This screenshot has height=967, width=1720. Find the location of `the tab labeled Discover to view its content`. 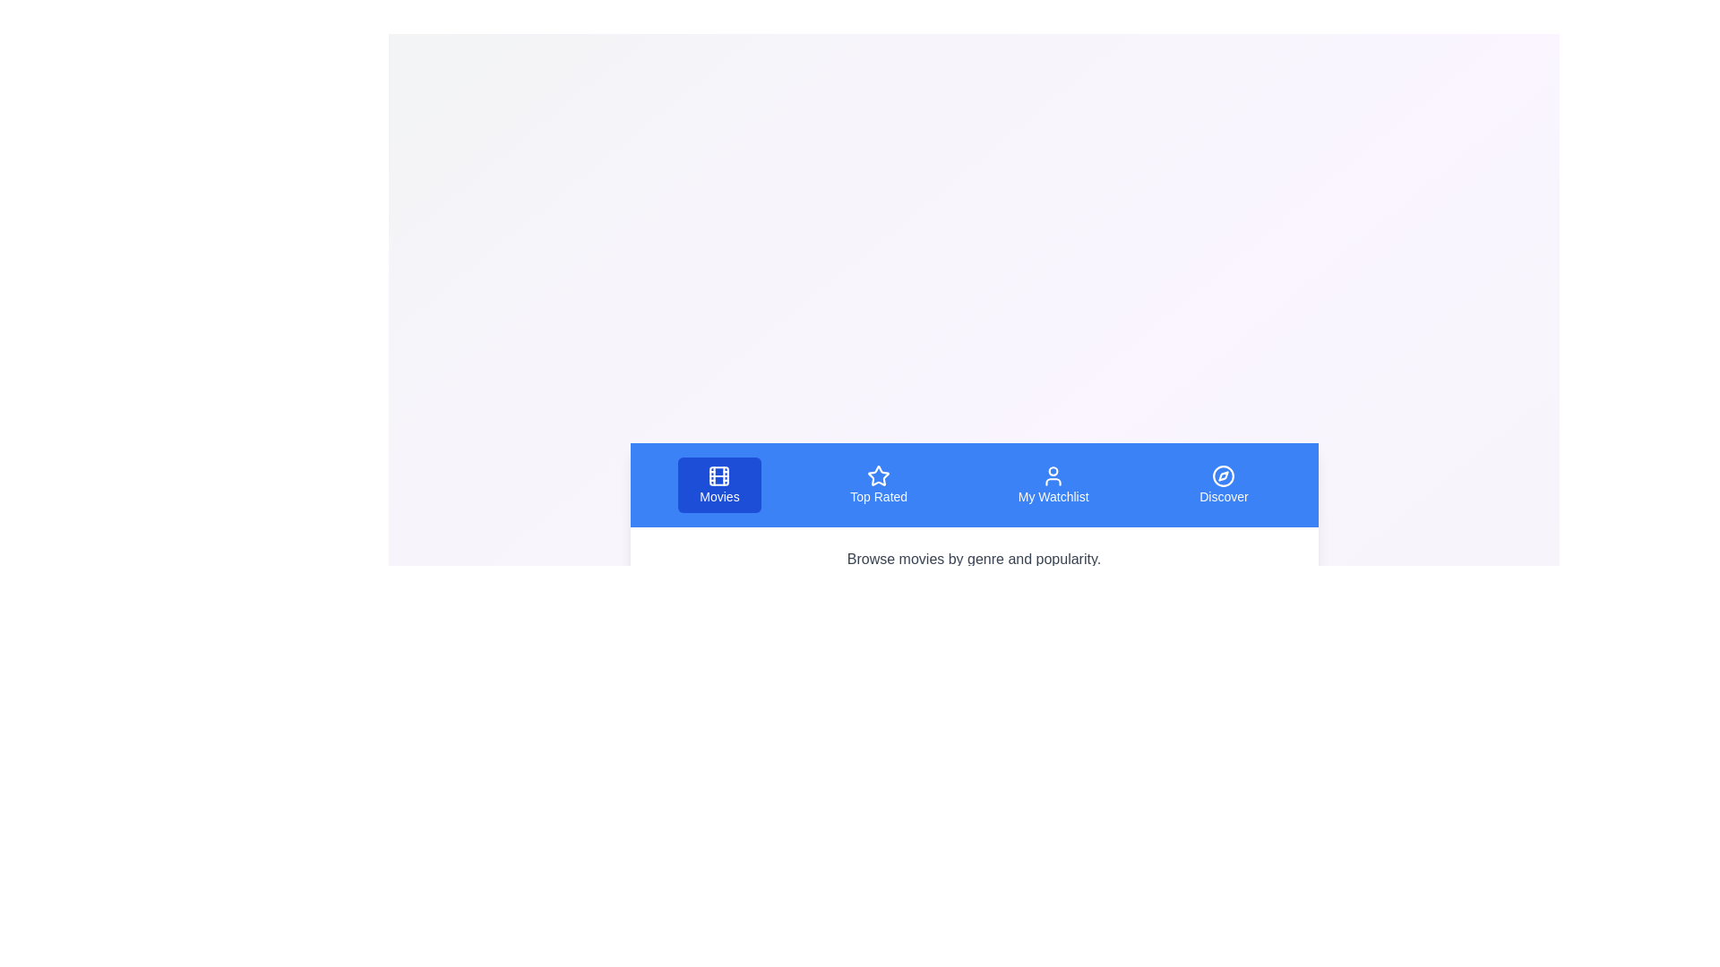

the tab labeled Discover to view its content is located at coordinates (1223, 485).